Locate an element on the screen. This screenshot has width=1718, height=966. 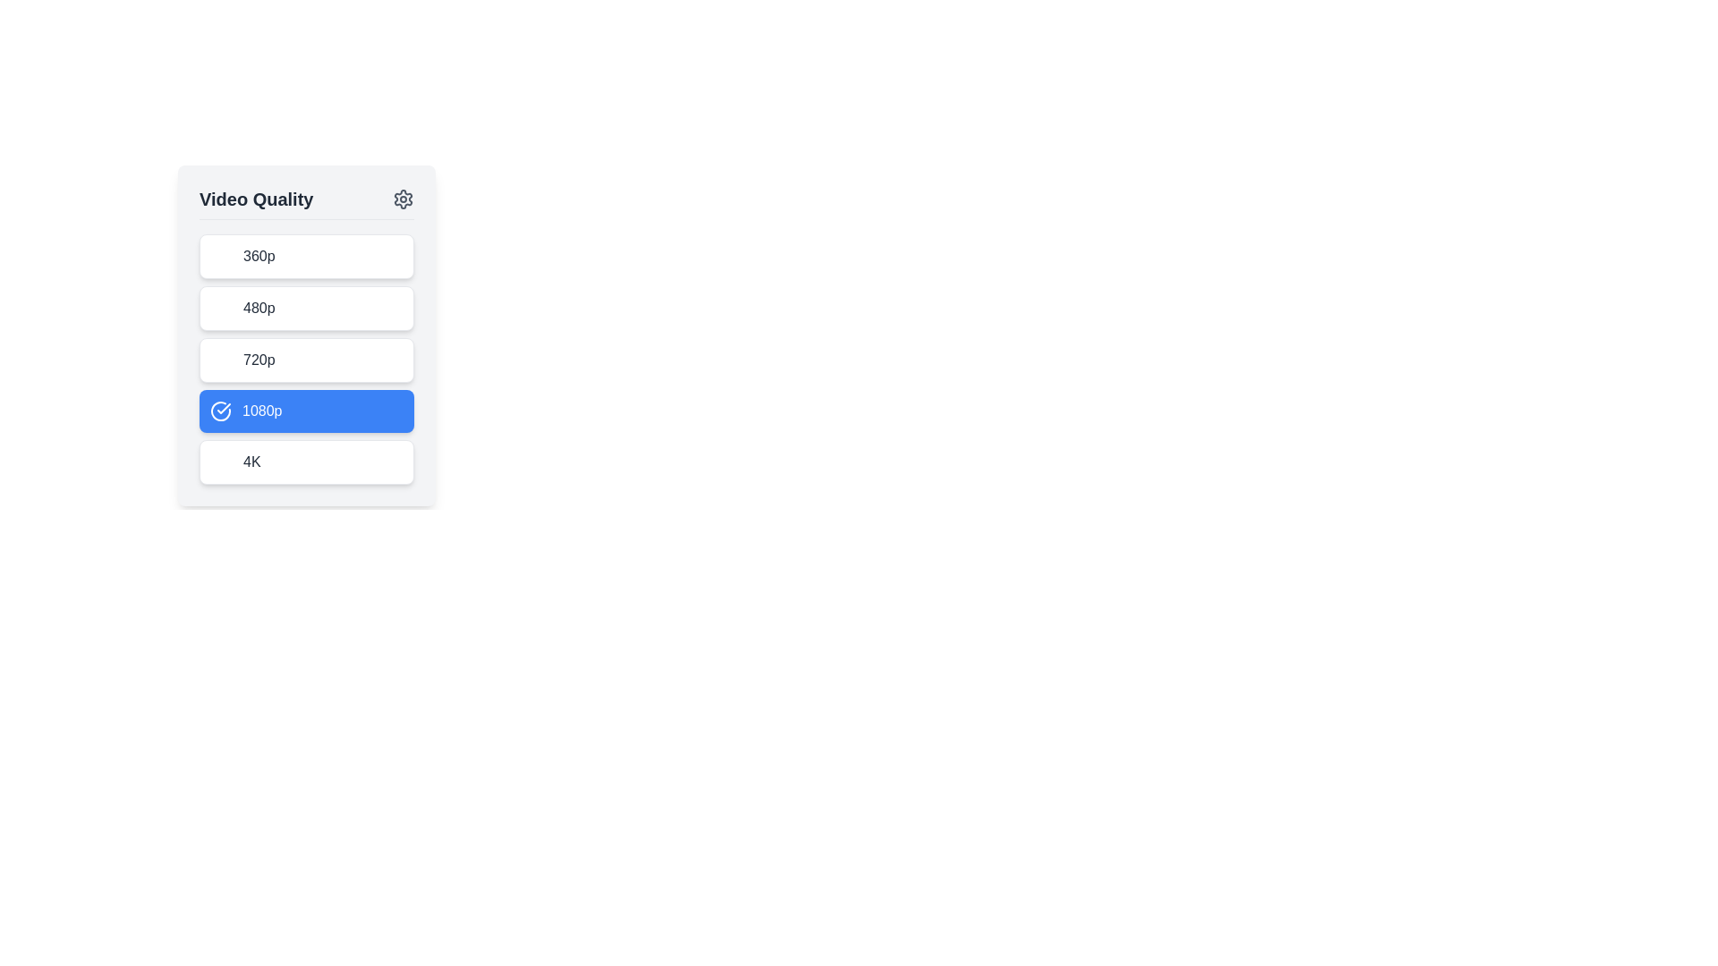
the '720p' resolution option button located in the 'Video Quality' panel is located at coordinates (306, 359).